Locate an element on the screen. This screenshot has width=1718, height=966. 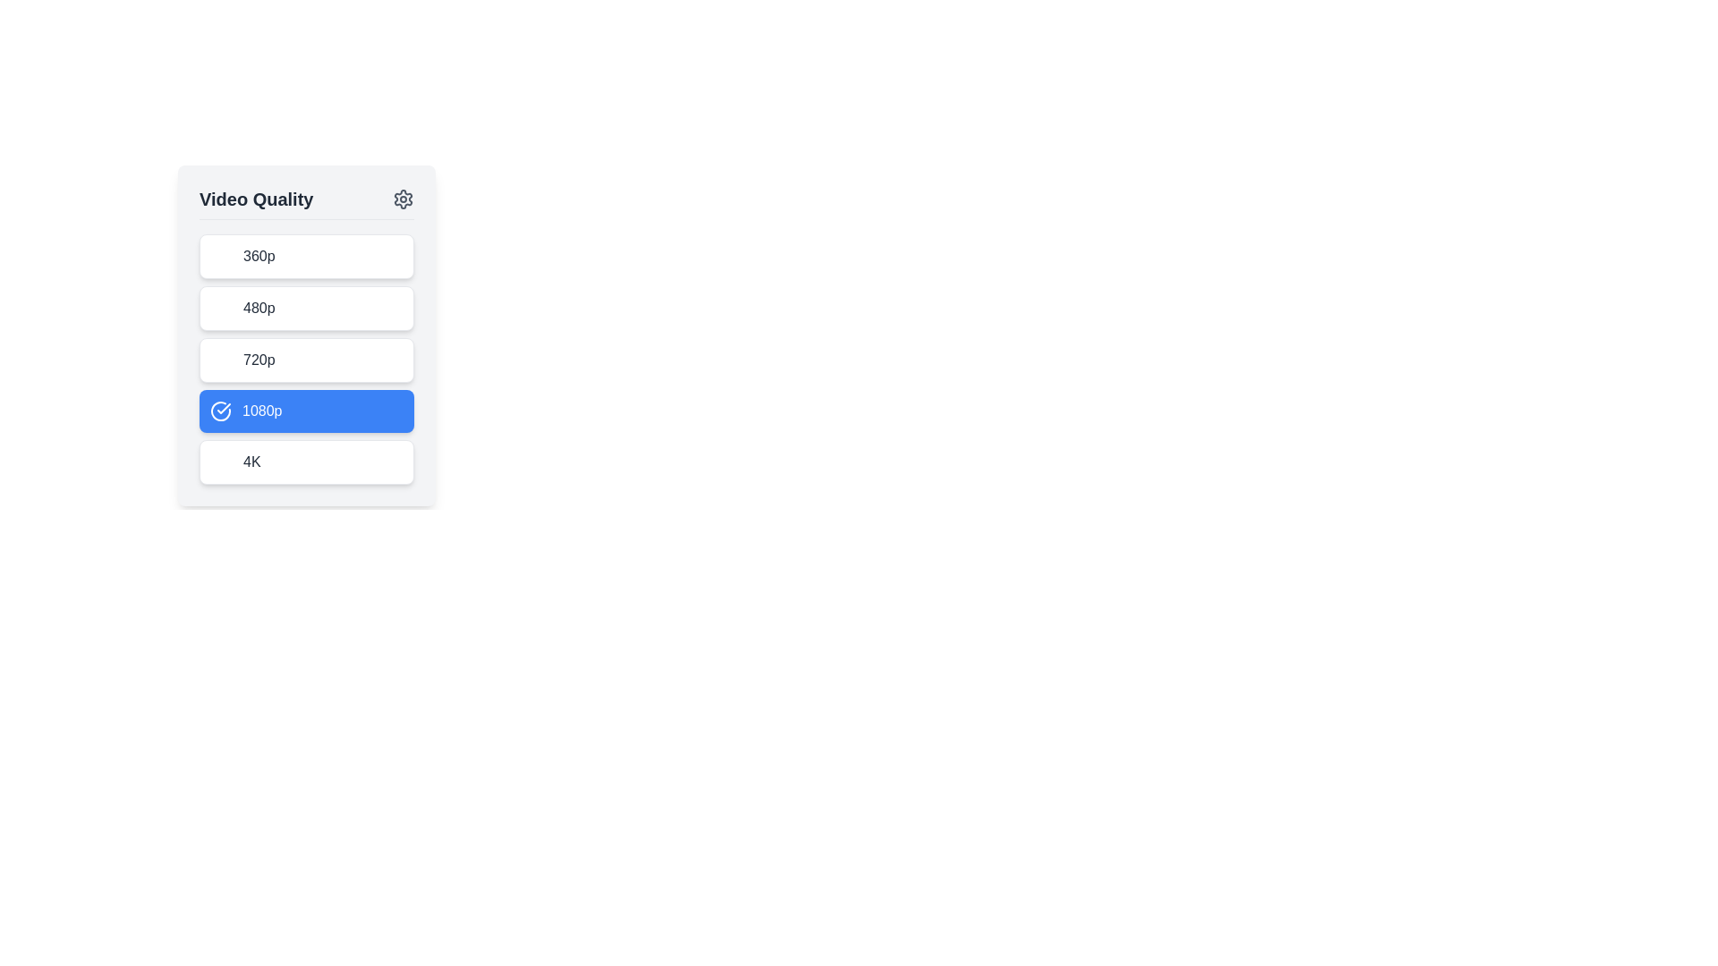
the '720p' resolution option button located in the 'Video Quality' panel is located at coordinates (306, 359).